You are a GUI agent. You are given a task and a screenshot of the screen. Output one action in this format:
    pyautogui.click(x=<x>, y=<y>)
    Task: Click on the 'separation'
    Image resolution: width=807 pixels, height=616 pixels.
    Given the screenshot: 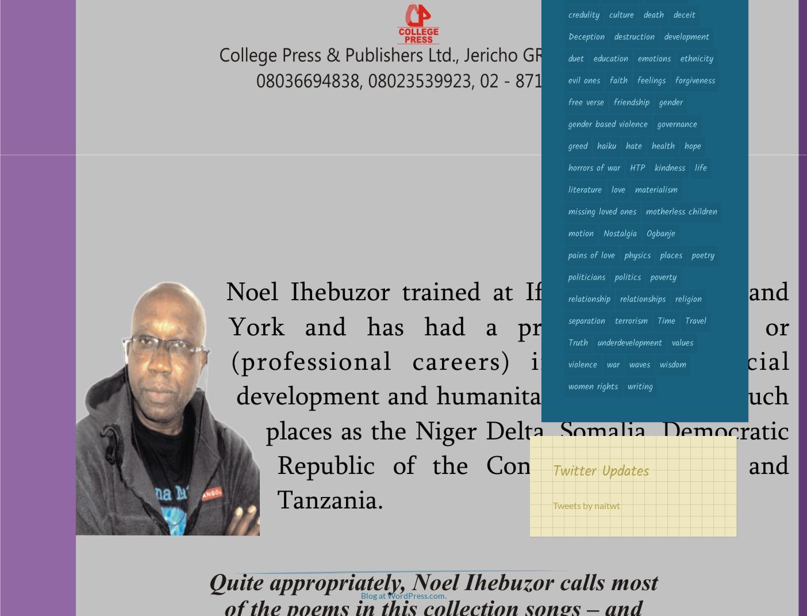 What is the action you would take?
    pyautogui.click(x=586, y=320)
    